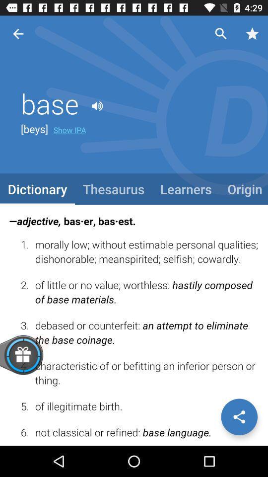  I want to click on the icon which is at the bottom right corner, so click(239, 417).